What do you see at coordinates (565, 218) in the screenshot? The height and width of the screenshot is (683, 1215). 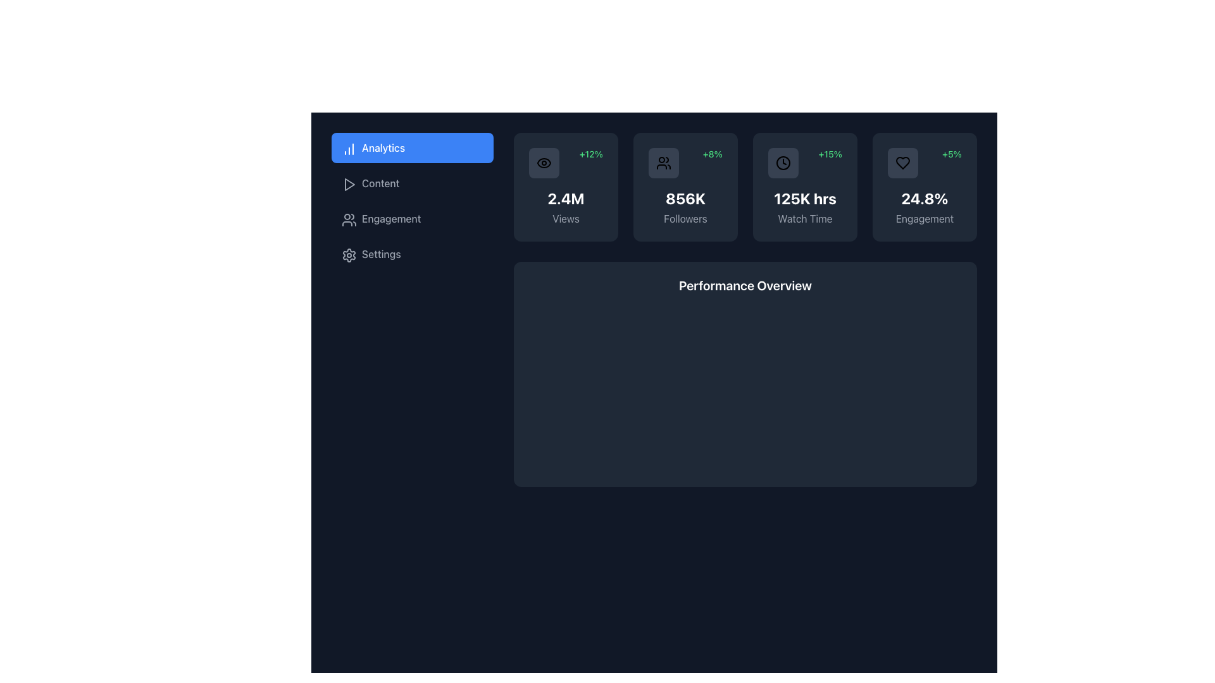 I see `the label text that provides context for the number of views, located beneath the bold '2.4M' text in the first card of the horizontal list of metrics` at bounding box center [565, 218].